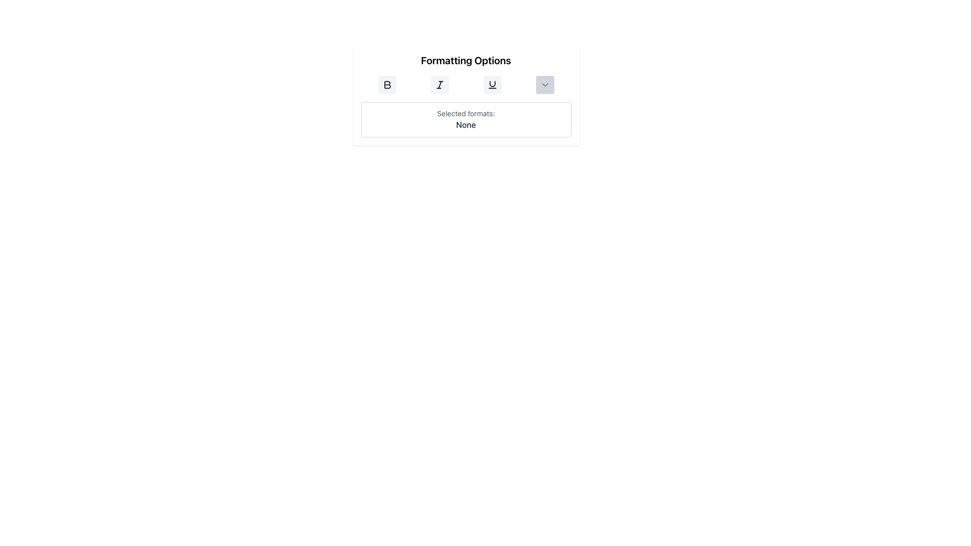 The image size is (971, 546). I want to click on the bold text styling icon in the formatting toolbar, so click(386, 84).